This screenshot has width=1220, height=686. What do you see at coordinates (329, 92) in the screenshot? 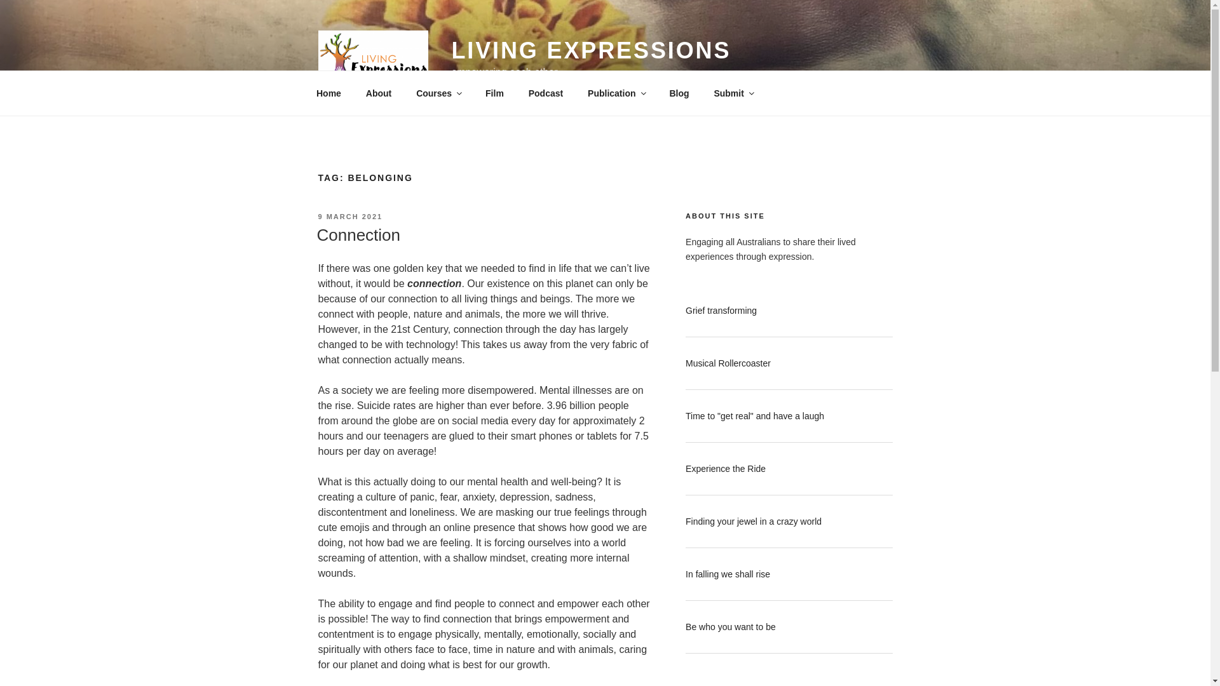
I see `'Home'` at bounding box center [329, 92].